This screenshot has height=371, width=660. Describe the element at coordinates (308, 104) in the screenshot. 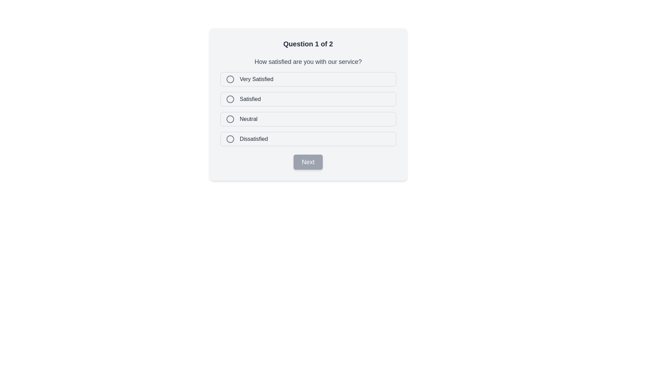

I see `to select the 'Satisfied' option in the satisfaction feedback radio button group located centrally in the form` at that location.